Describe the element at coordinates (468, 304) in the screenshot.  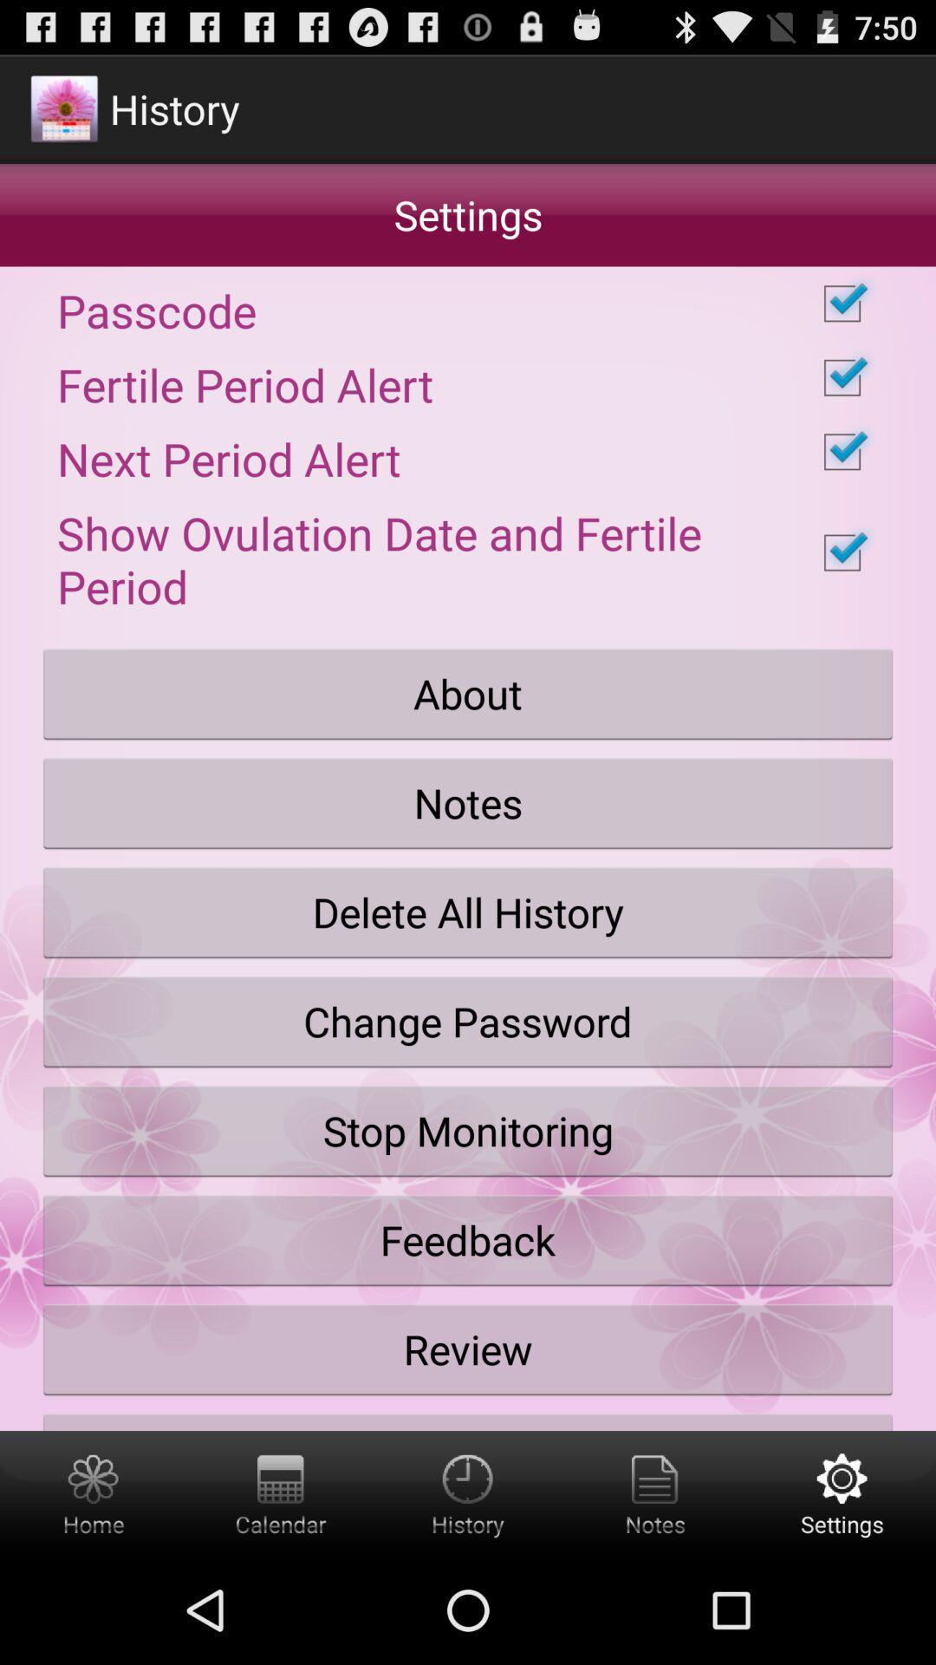
I see `passcode item` at that location.